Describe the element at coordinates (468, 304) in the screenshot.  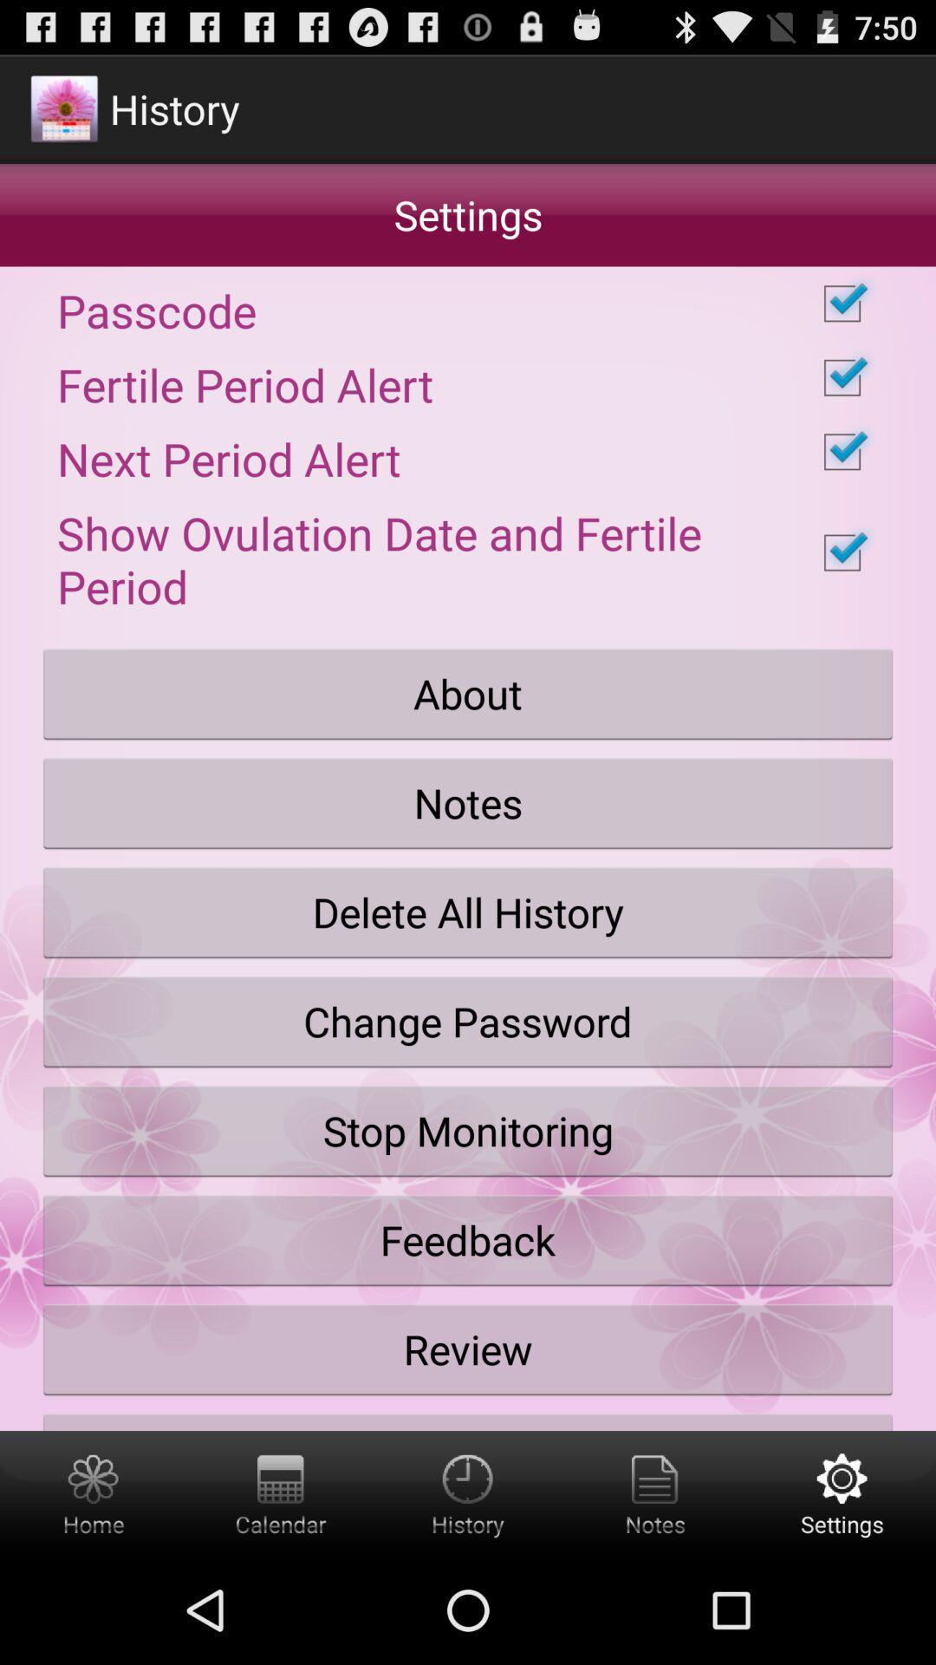
I see `passcode item` at that location.